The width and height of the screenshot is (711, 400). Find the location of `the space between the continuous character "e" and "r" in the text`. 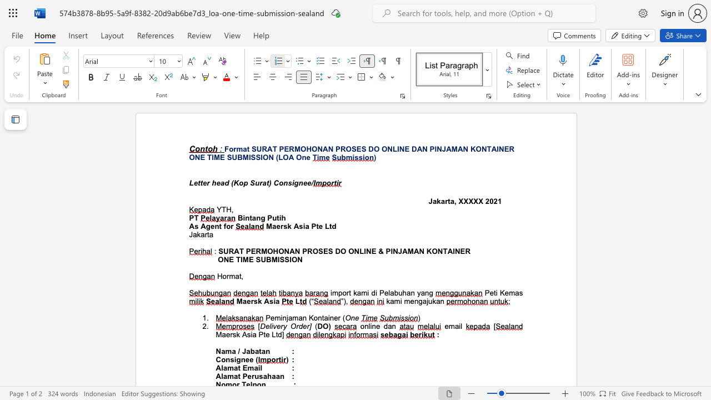

the space between the continuous character "e" and "r" in the text is located at coordinates (229, 334).